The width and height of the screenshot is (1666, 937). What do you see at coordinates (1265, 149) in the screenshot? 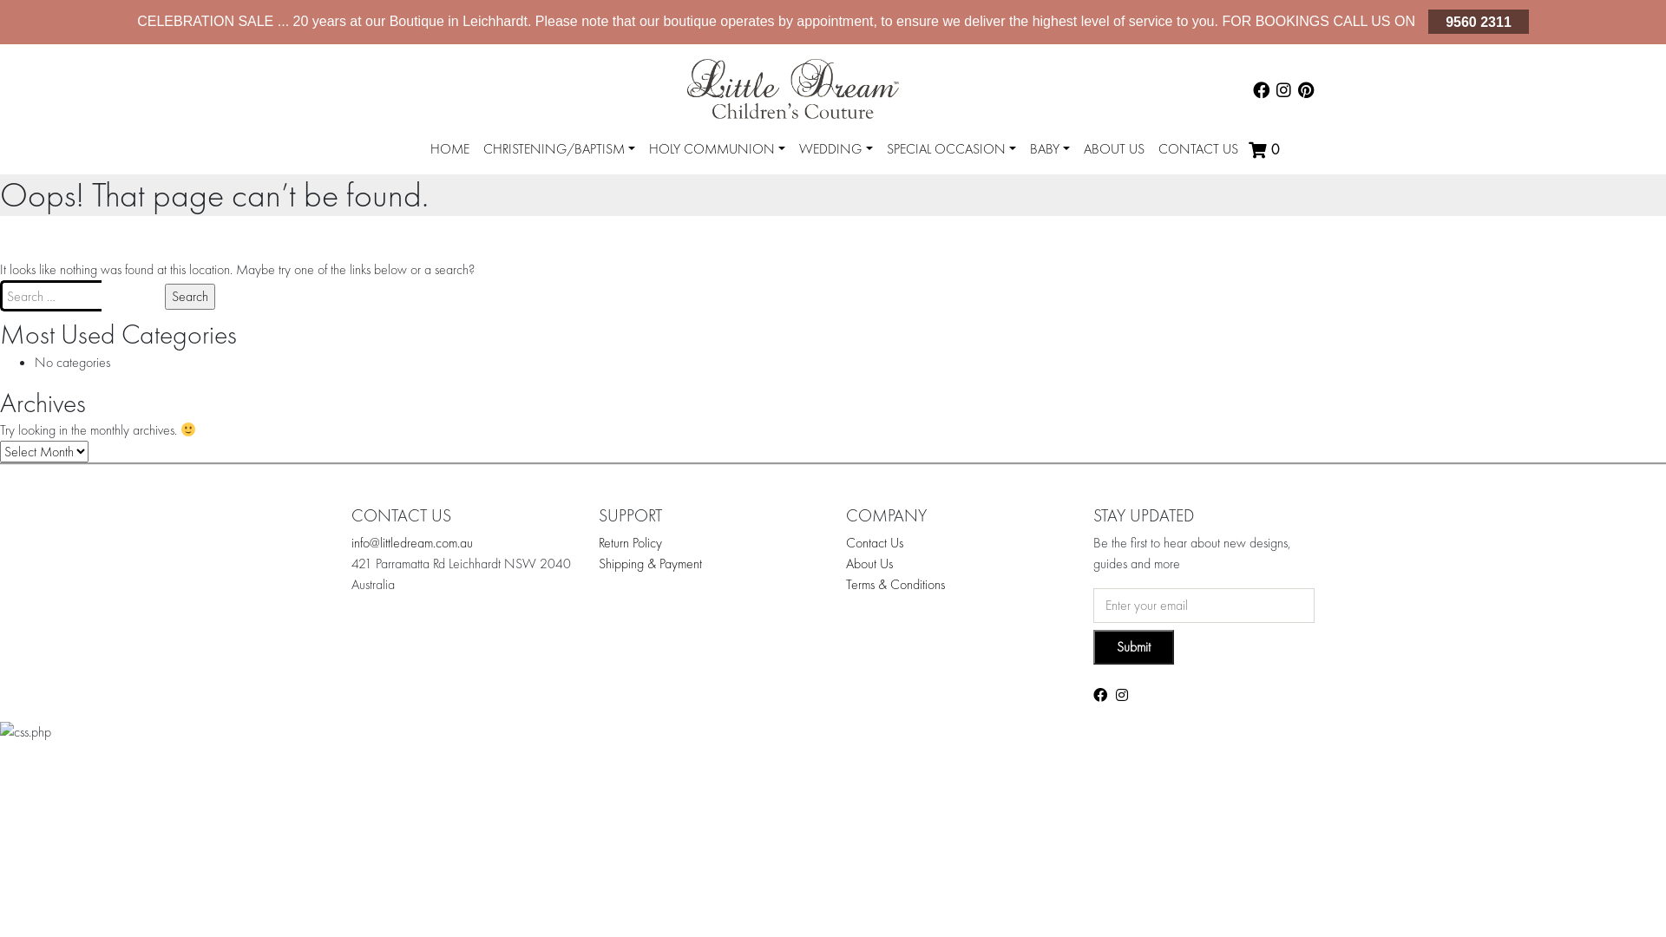
I see `'0'` at bounding box center [1265, 149].